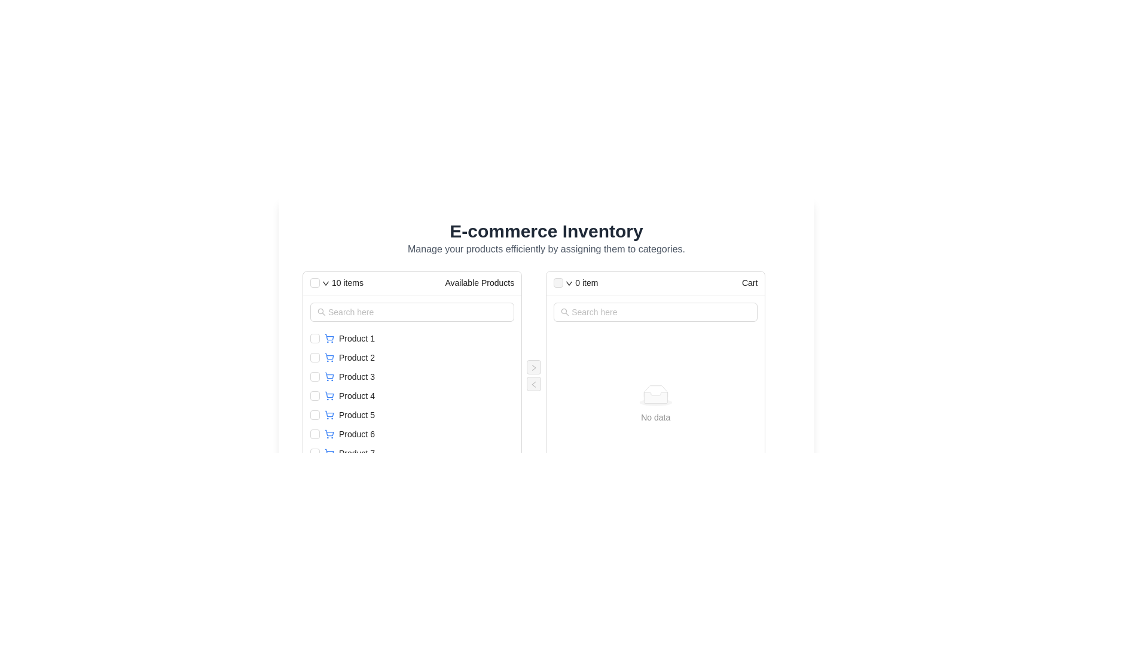  What do you see at coordinates (321, 311) in the screenshot?
I see `the magnifying glass icon located at the beginning of the 'Search here' input field within the 'Available Products' section` at bounding box center [321, 311].